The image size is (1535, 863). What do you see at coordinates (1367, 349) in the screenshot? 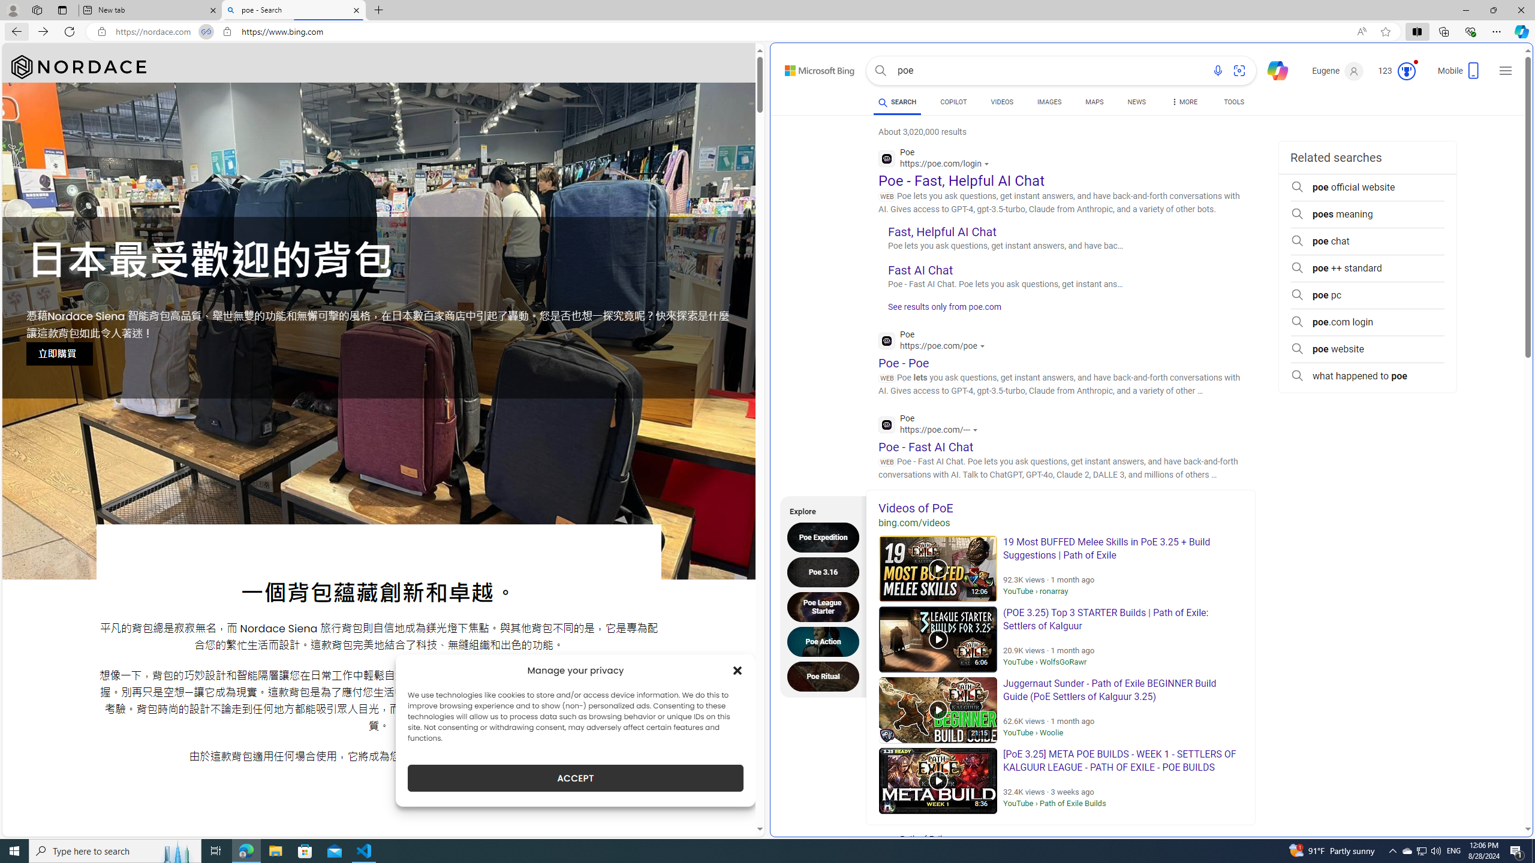
I see `'poe website'` at bounding box center [1367, 349].